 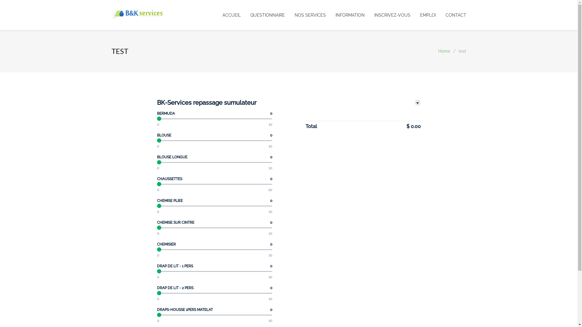 What do you see at coordinates (436, 15) in the screenshot?
I see `'CONTACT'` at bounding box center [436, 15].